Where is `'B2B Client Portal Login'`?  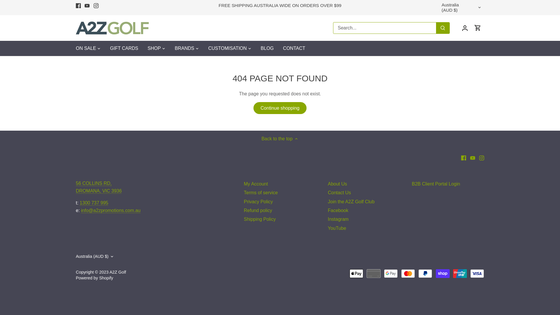 'B2B Client Portal Login' is located at coordinates (436, 184).